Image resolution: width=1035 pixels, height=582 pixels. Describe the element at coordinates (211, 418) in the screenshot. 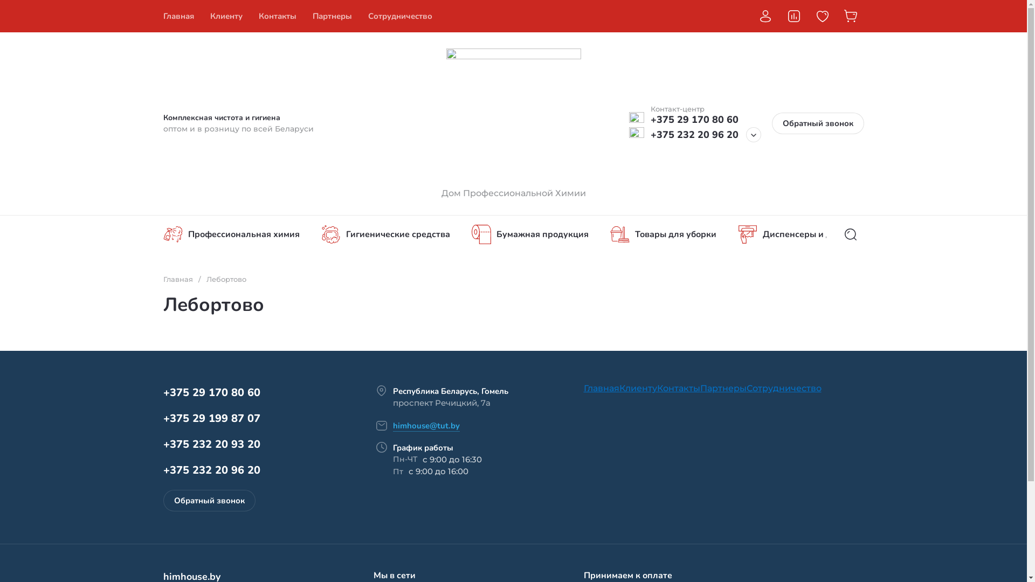

I see `'+375 29 199 87 07'` at that location.